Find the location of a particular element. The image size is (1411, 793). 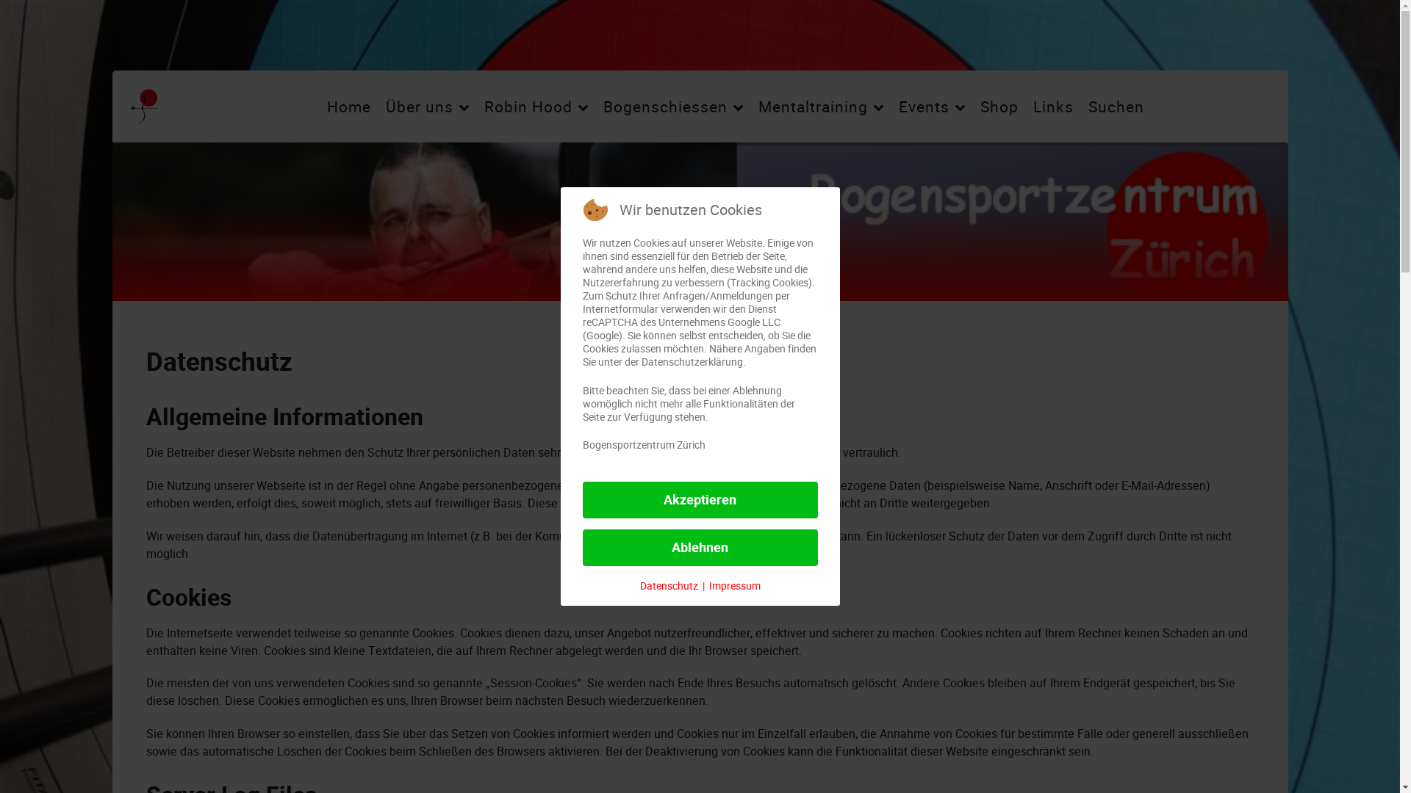

'Robin Hood' is located at coordinates (535, 106).